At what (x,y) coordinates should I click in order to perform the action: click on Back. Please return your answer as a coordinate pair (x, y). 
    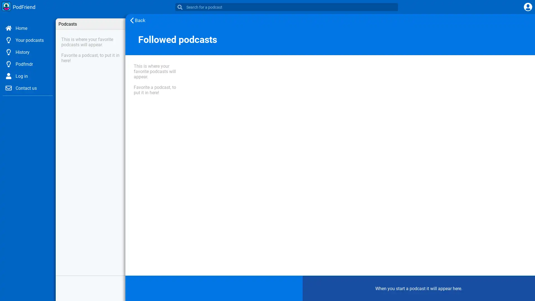
    Looking at the image, I should click on (136, 20).